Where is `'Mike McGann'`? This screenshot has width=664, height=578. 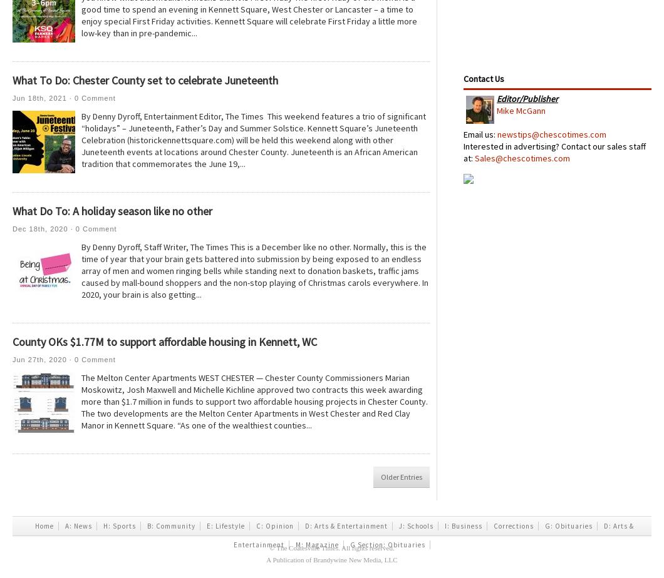
'Mike McGann' is located at coordinates (521, 111).